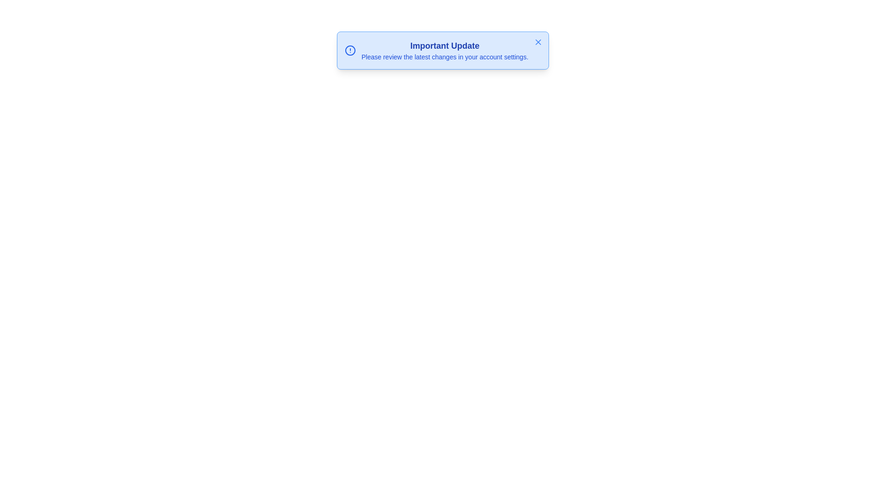 The image size is (891, 501). I want to click on notification text content located centrally within the notification bar, positioned between an icon and a close button, so click(444, 50).